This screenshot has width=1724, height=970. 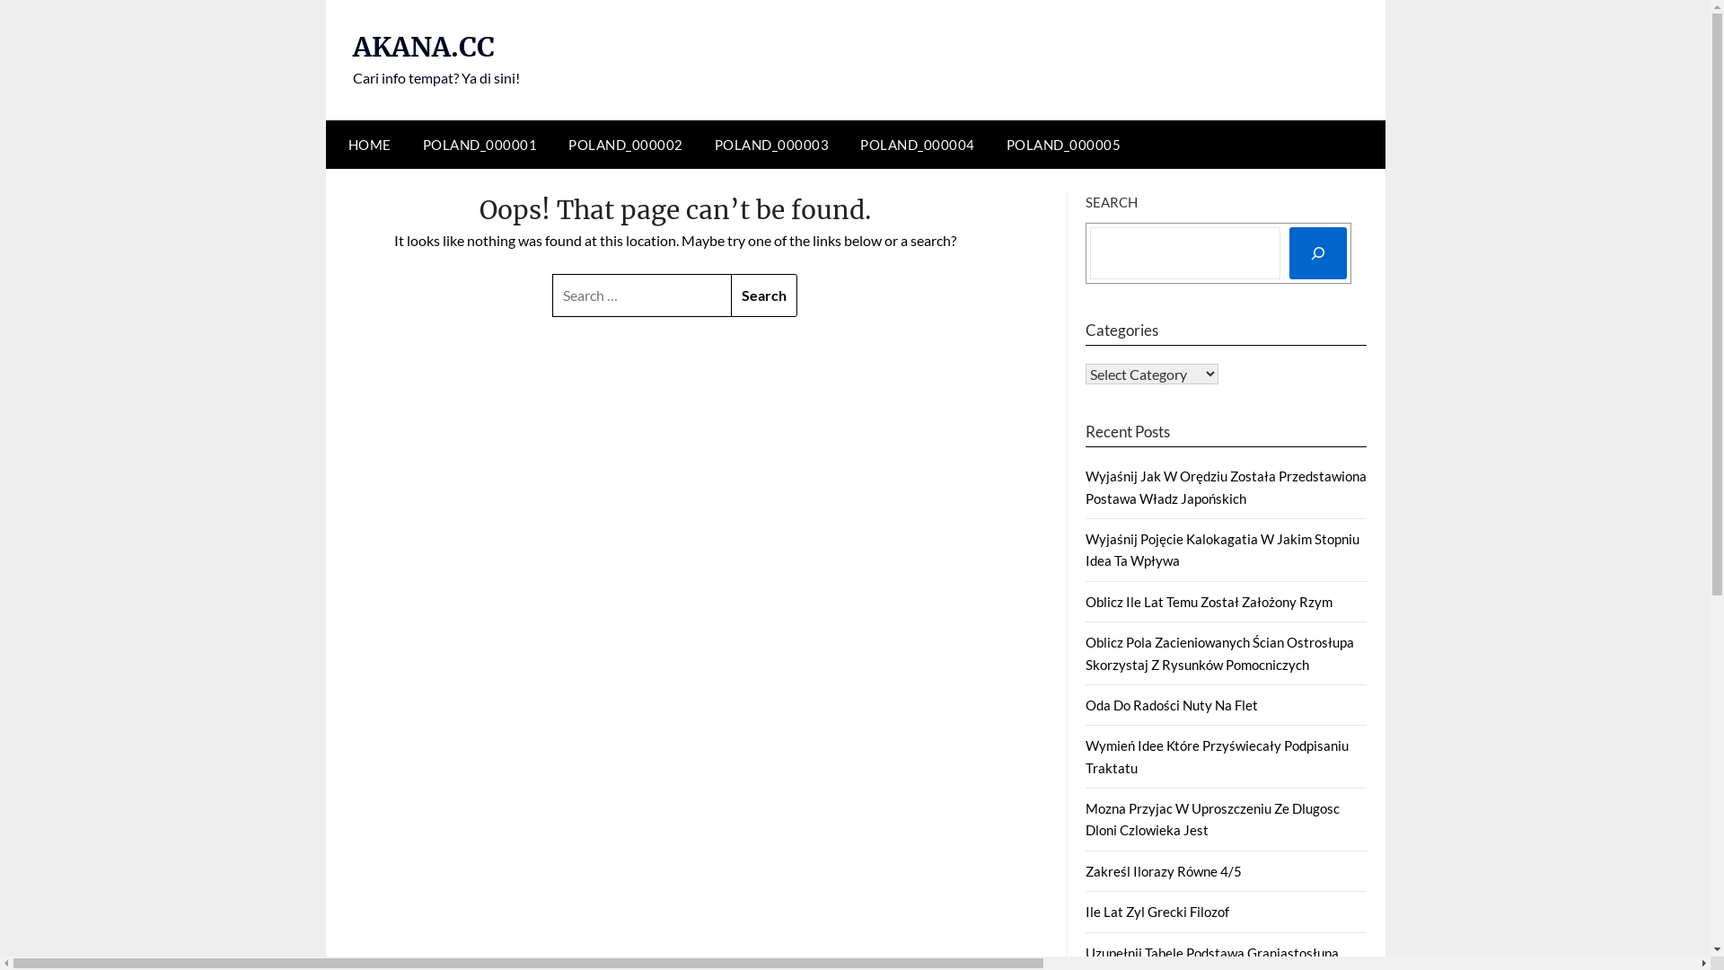 I want to click on 'POLAND_000003', so click(x=699, y=144).